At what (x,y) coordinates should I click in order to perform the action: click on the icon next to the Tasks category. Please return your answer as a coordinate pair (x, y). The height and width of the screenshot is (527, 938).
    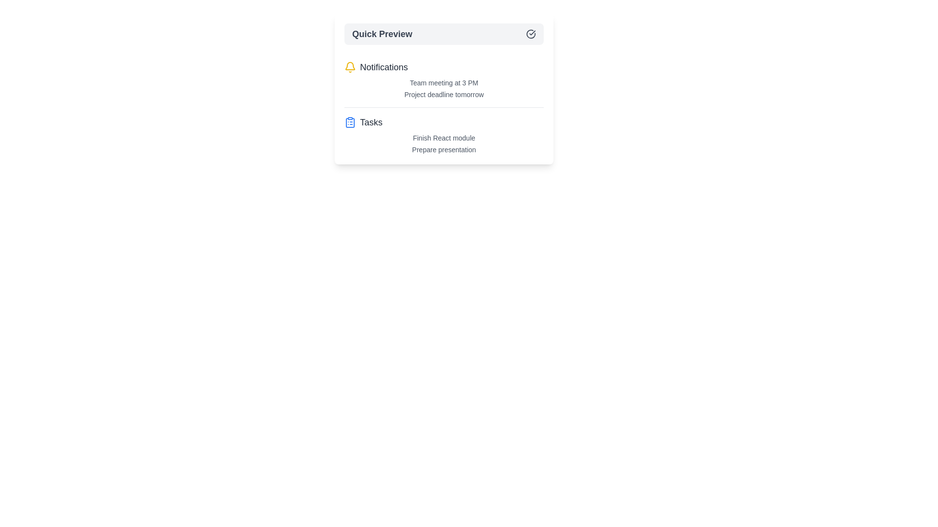
    Looking at the image, I should click on (350, 122).